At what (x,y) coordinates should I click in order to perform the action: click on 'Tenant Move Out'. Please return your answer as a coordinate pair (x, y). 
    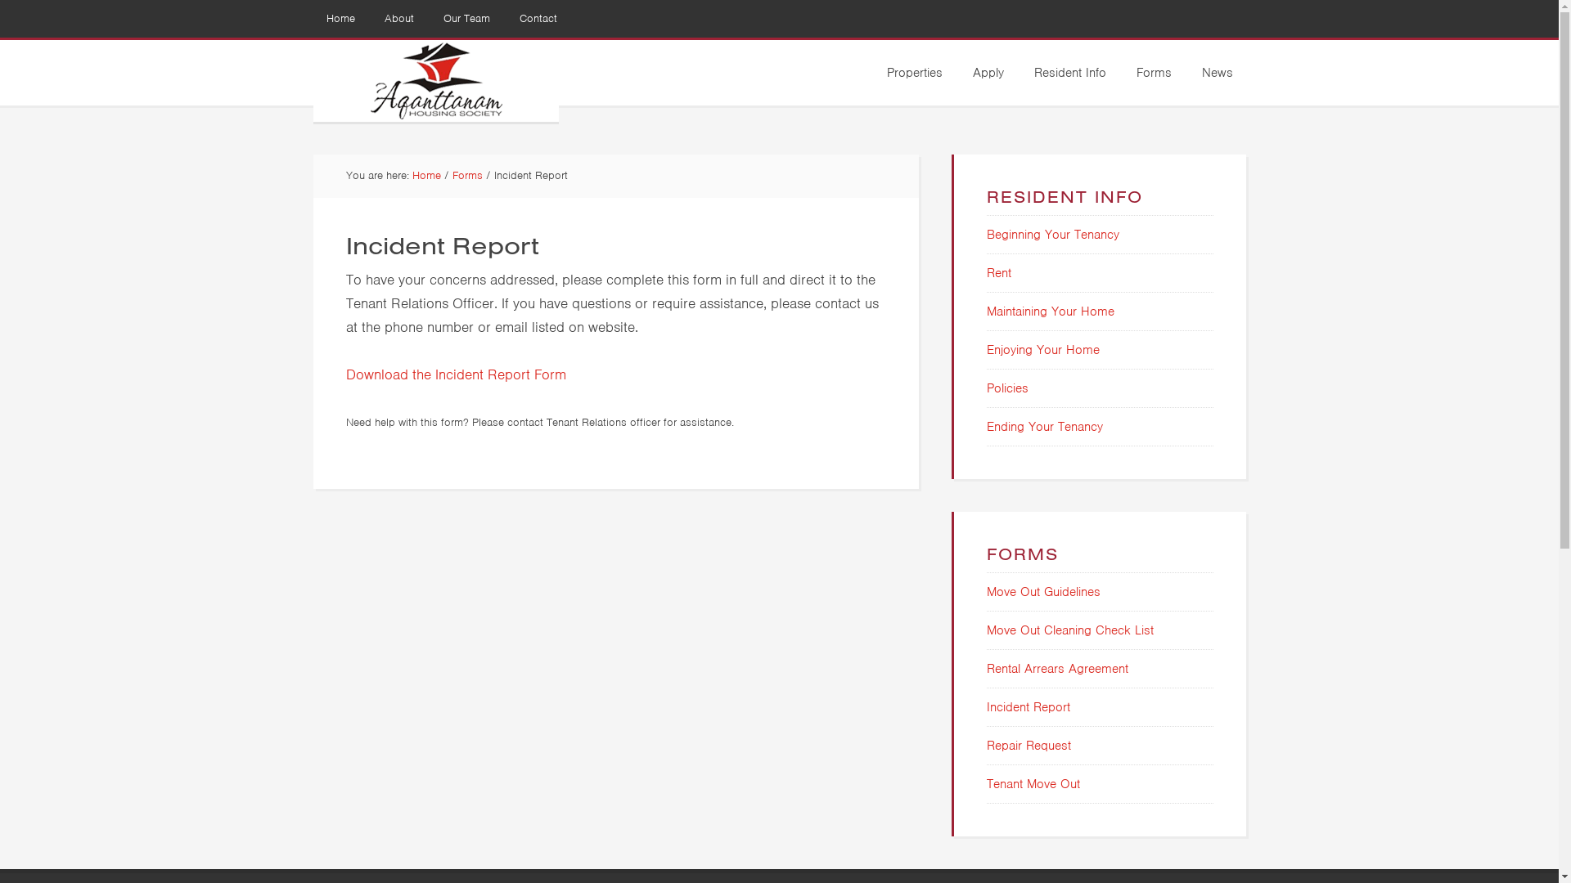
    Looking at the image, I should click on (1032, 783).